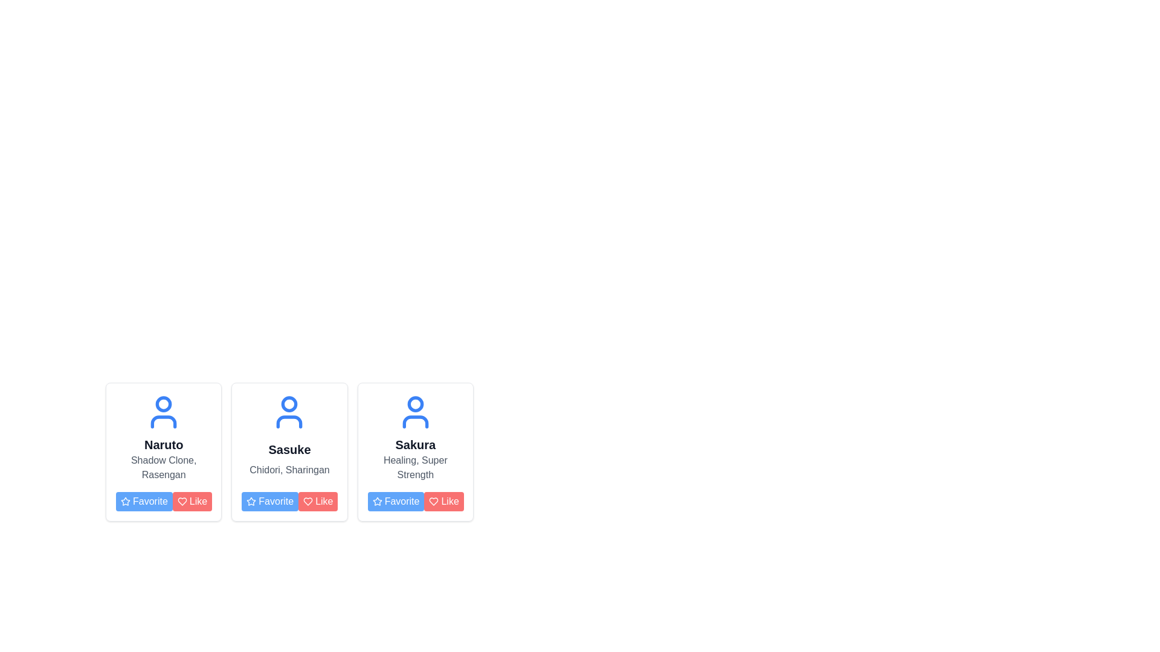 This screenshot has width=1160, height=652. What do you see at coordinates (415, 444) in the screenshot?
I see `the text label displaying 'Sakura' to check for additional information that may appear` at bounding box center [415, 444].